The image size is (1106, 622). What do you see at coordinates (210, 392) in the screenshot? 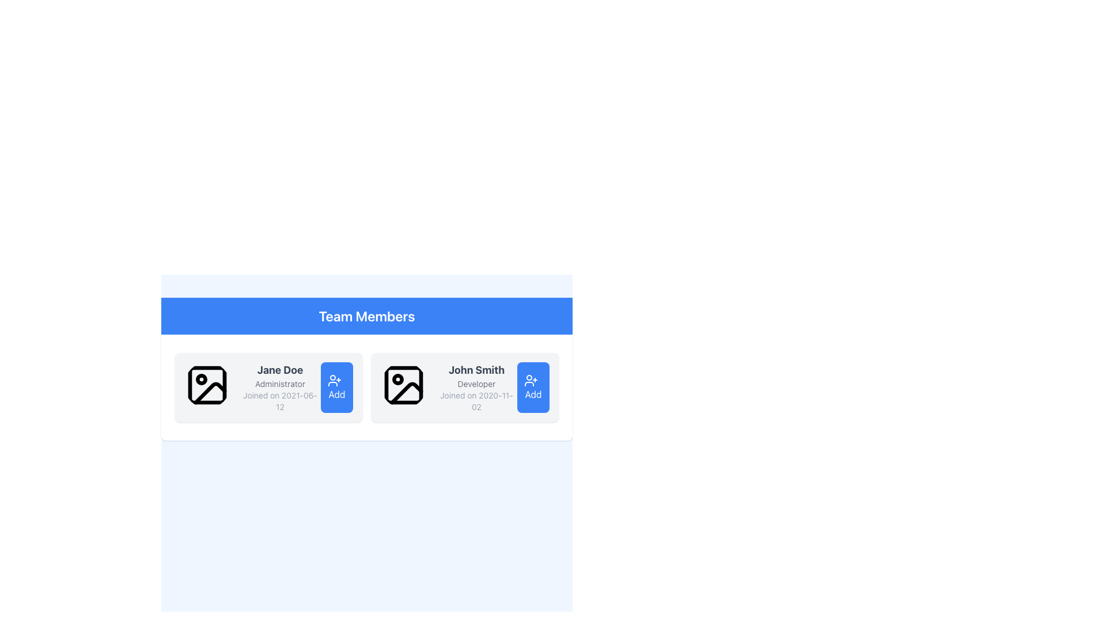
I see `the broken image indicator icon located at the top-left corner of the image placeholder in the 'Jane Doe' team member card` at bounding box center [210, 392].